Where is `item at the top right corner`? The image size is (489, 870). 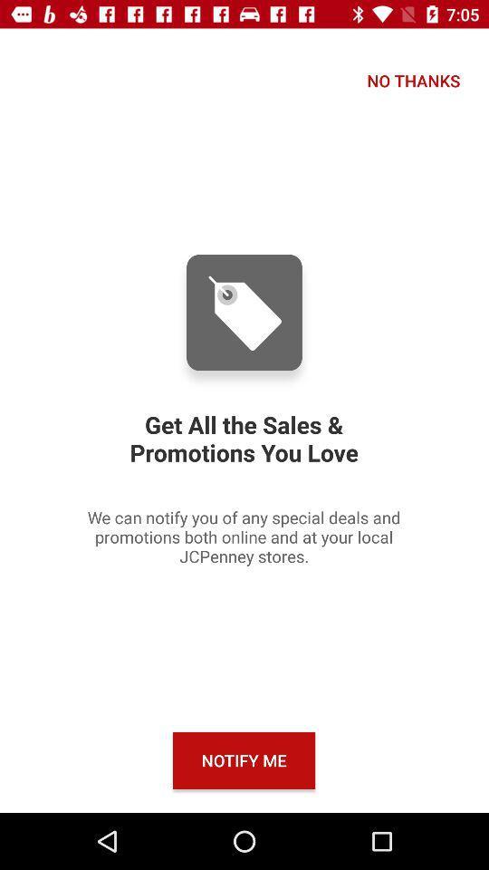
item at the top right corner is located at coordinates (413, 81).